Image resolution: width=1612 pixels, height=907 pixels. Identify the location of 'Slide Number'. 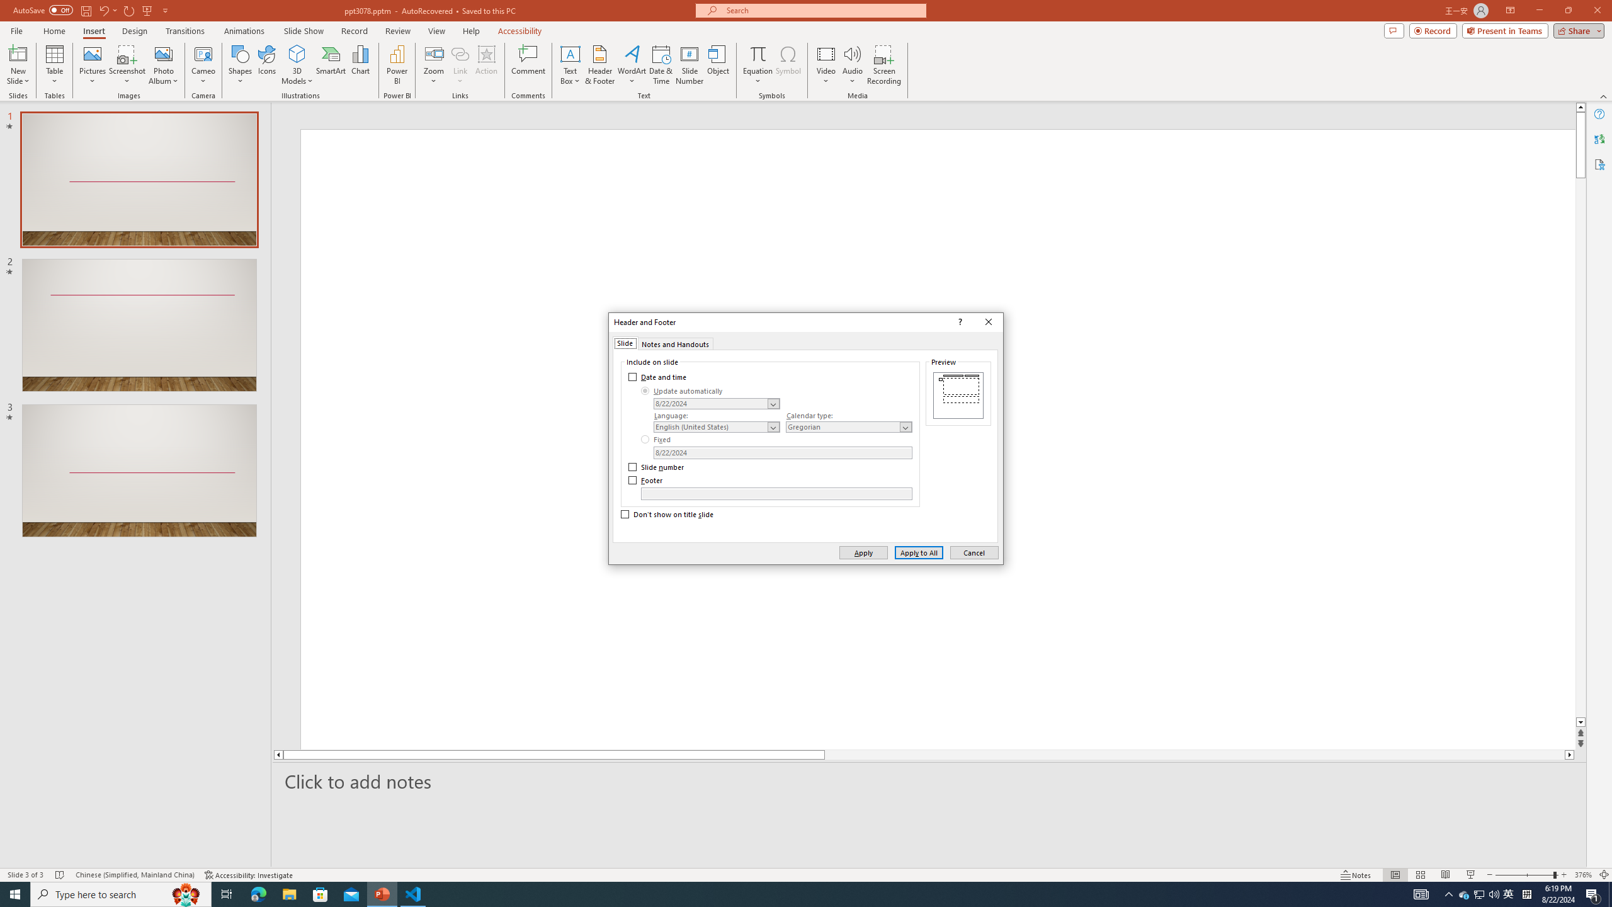
(689, 65).